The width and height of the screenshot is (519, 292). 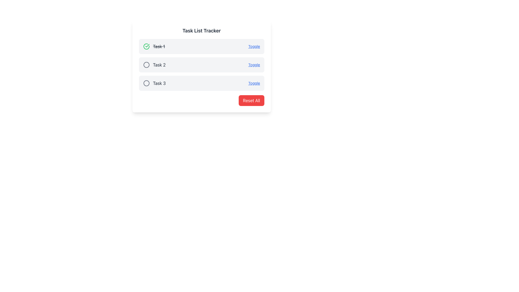 What do you see at coordinates (254, 64) in the screenshot?
I see `the 'Toggle' hyperlink located in the top-right corner of the second task item in the task list` at bounding box center [254, 64].